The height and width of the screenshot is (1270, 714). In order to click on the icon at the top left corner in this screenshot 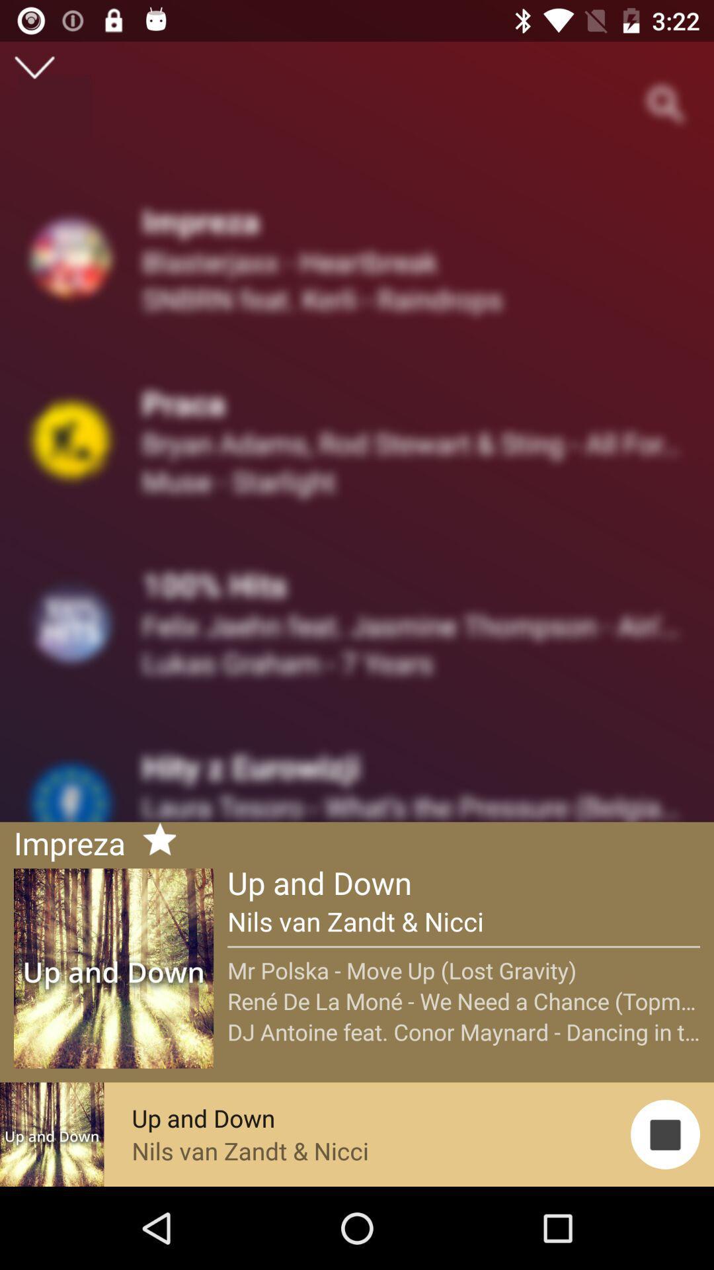, I will do `click(34, 67)`.